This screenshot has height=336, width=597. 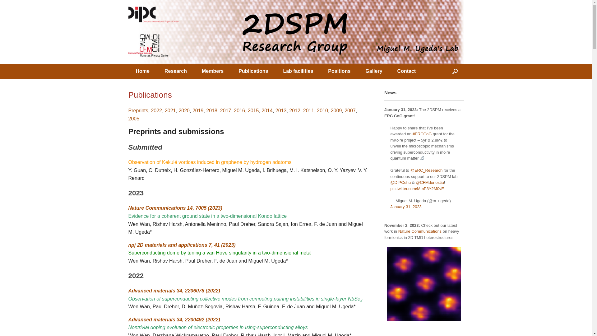 I want to click on 'Preprints', so click(x=128, y=110).